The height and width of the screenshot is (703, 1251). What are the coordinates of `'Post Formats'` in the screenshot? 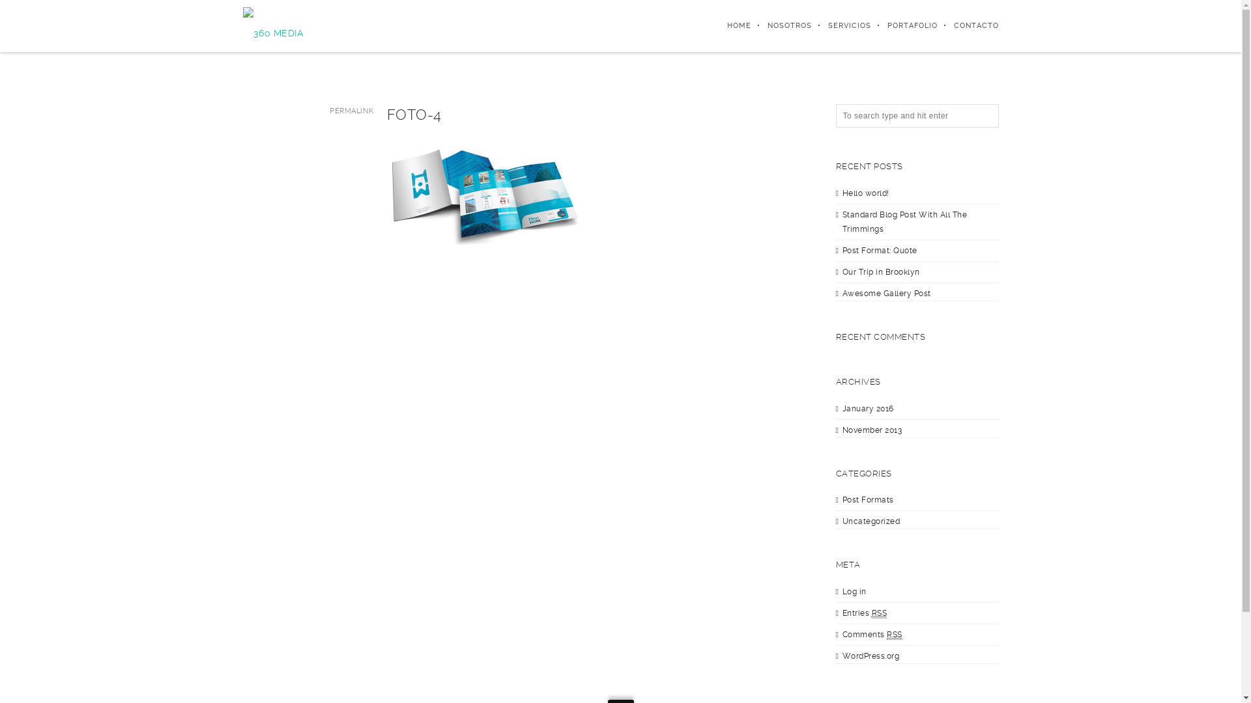 It's located at (867, 499).